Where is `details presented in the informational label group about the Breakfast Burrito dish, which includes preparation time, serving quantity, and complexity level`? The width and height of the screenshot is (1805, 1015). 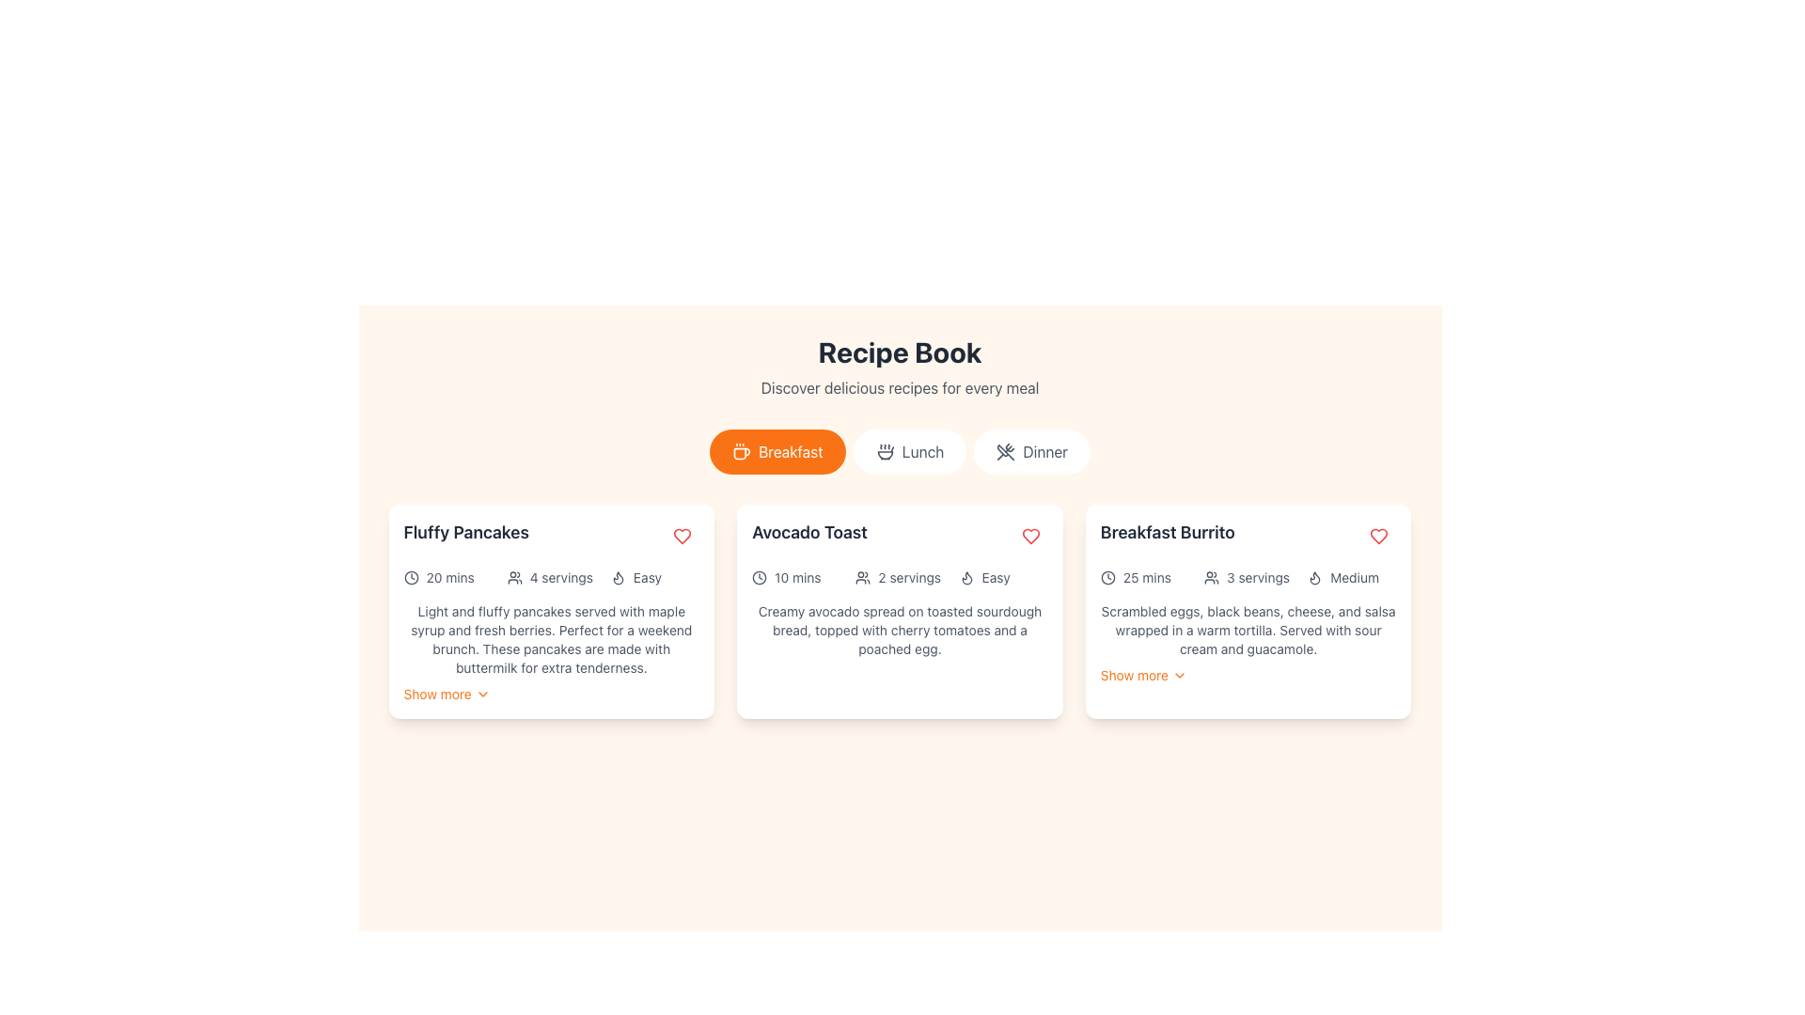
details presented in the informational label group about the Breakfast Burrito dish, which includes preparation time, serving quantity, and complexity level is located at coordinates (1248, 576).